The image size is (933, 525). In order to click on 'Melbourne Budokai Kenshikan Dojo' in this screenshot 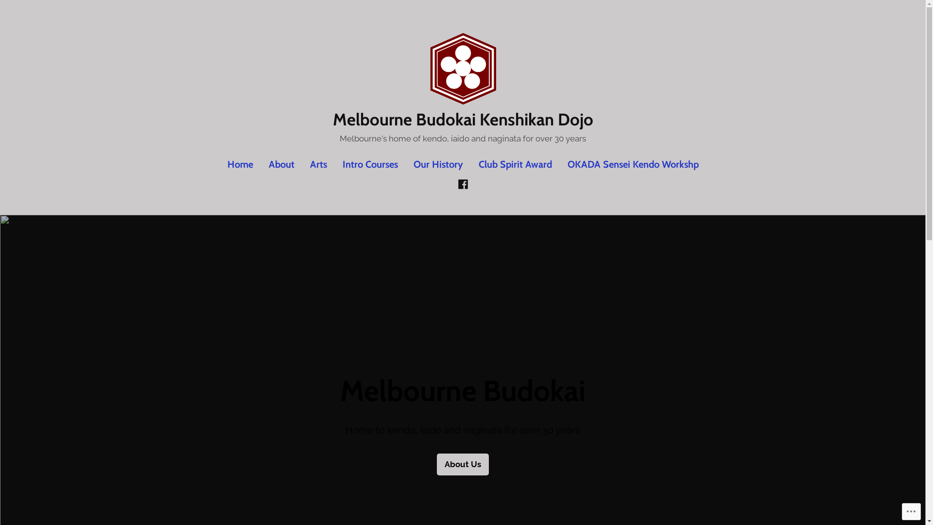, I will do `click(462, 119)`.